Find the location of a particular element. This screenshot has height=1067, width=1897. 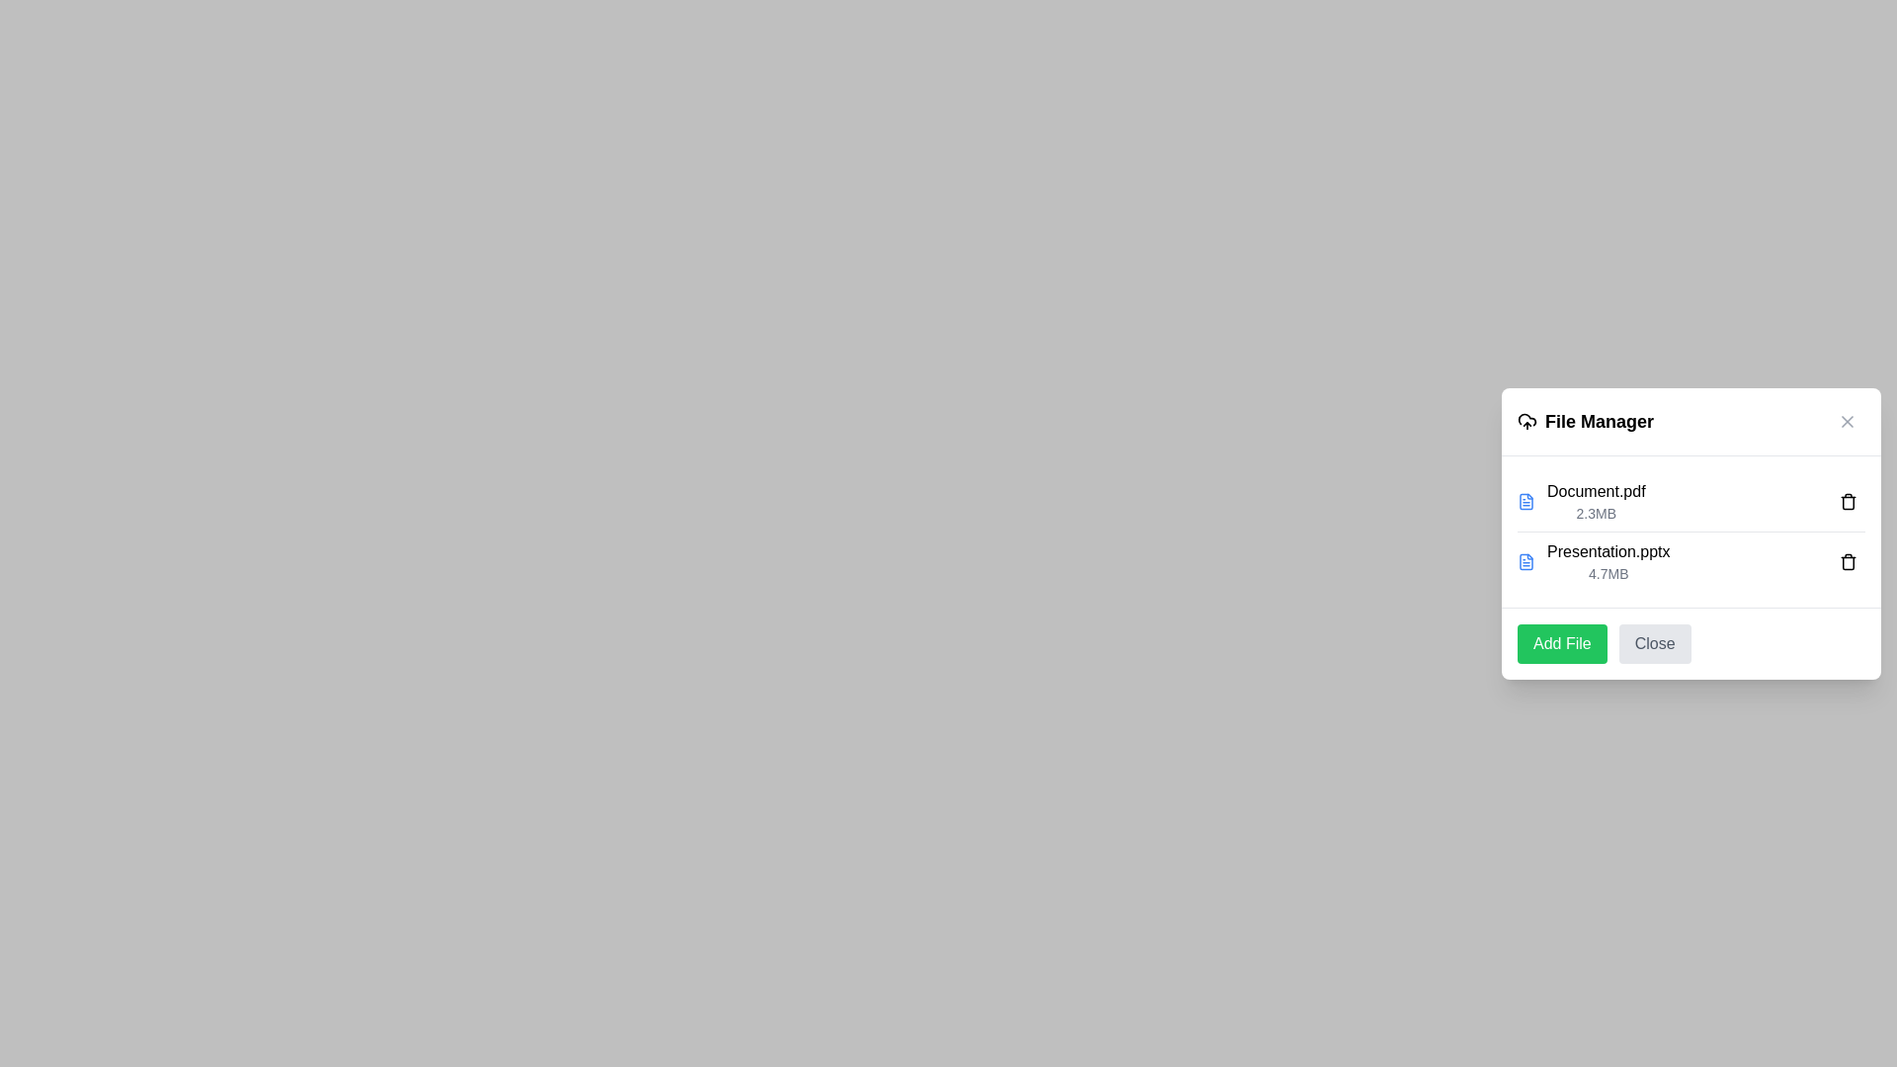

the close button icon, which is an oblique cross ('X' shape) located at the top-right corner of the 'File Manager' modal is located at coordinates (1847, 420).